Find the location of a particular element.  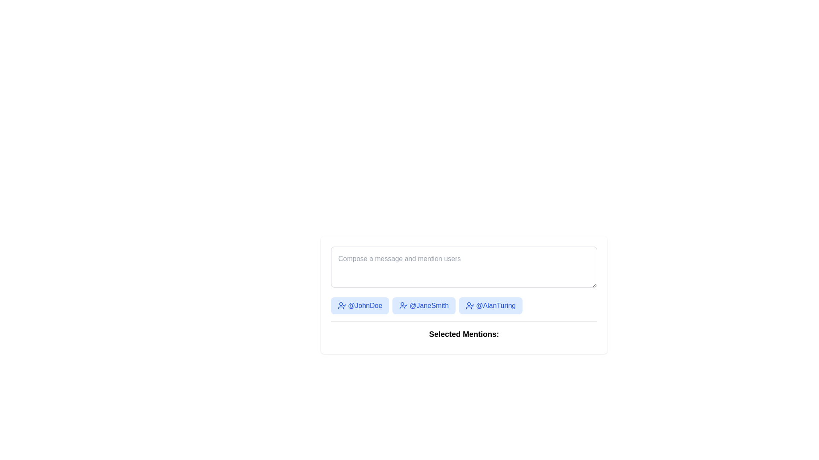

the user verification icon located to the left of the '@JaneSmith' text within the selectable chip is located at coordinates (403, 305).